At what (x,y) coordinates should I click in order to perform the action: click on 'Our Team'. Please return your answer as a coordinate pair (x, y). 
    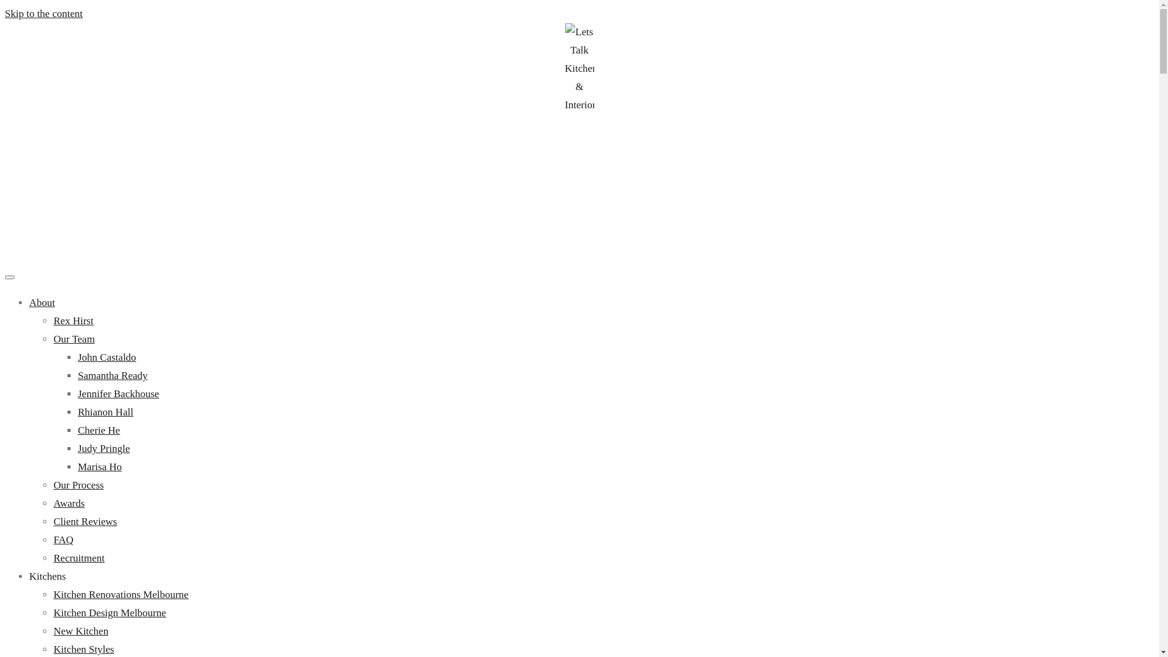
    Looking at the image, I should click on (73, 339).